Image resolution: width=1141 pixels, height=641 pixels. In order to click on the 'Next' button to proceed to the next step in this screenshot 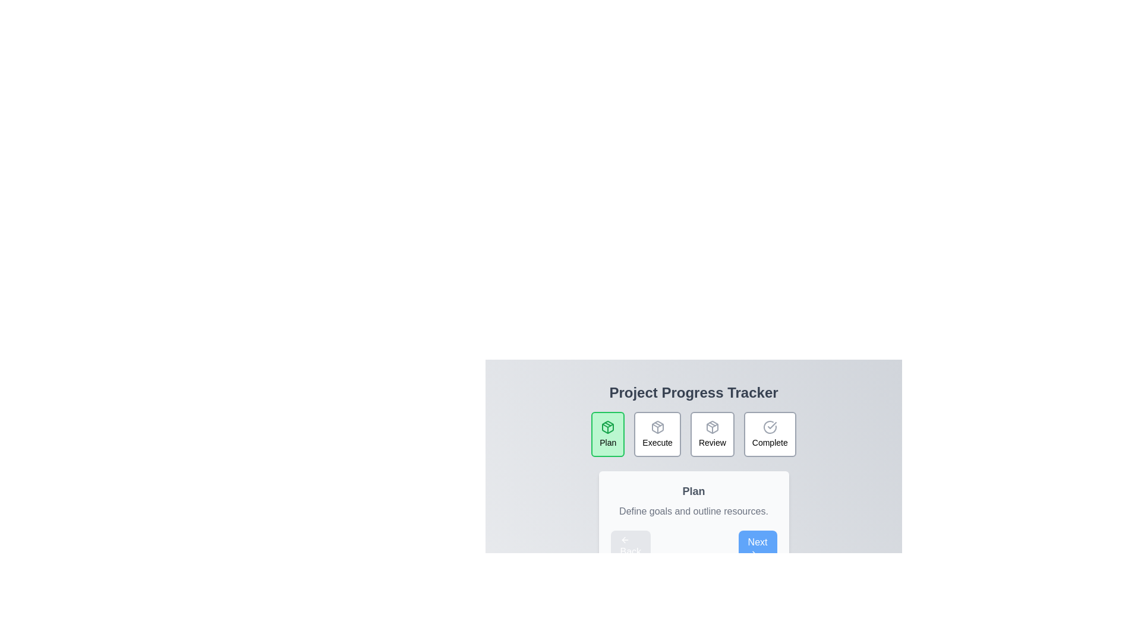, I will do `click(757, 547)`.